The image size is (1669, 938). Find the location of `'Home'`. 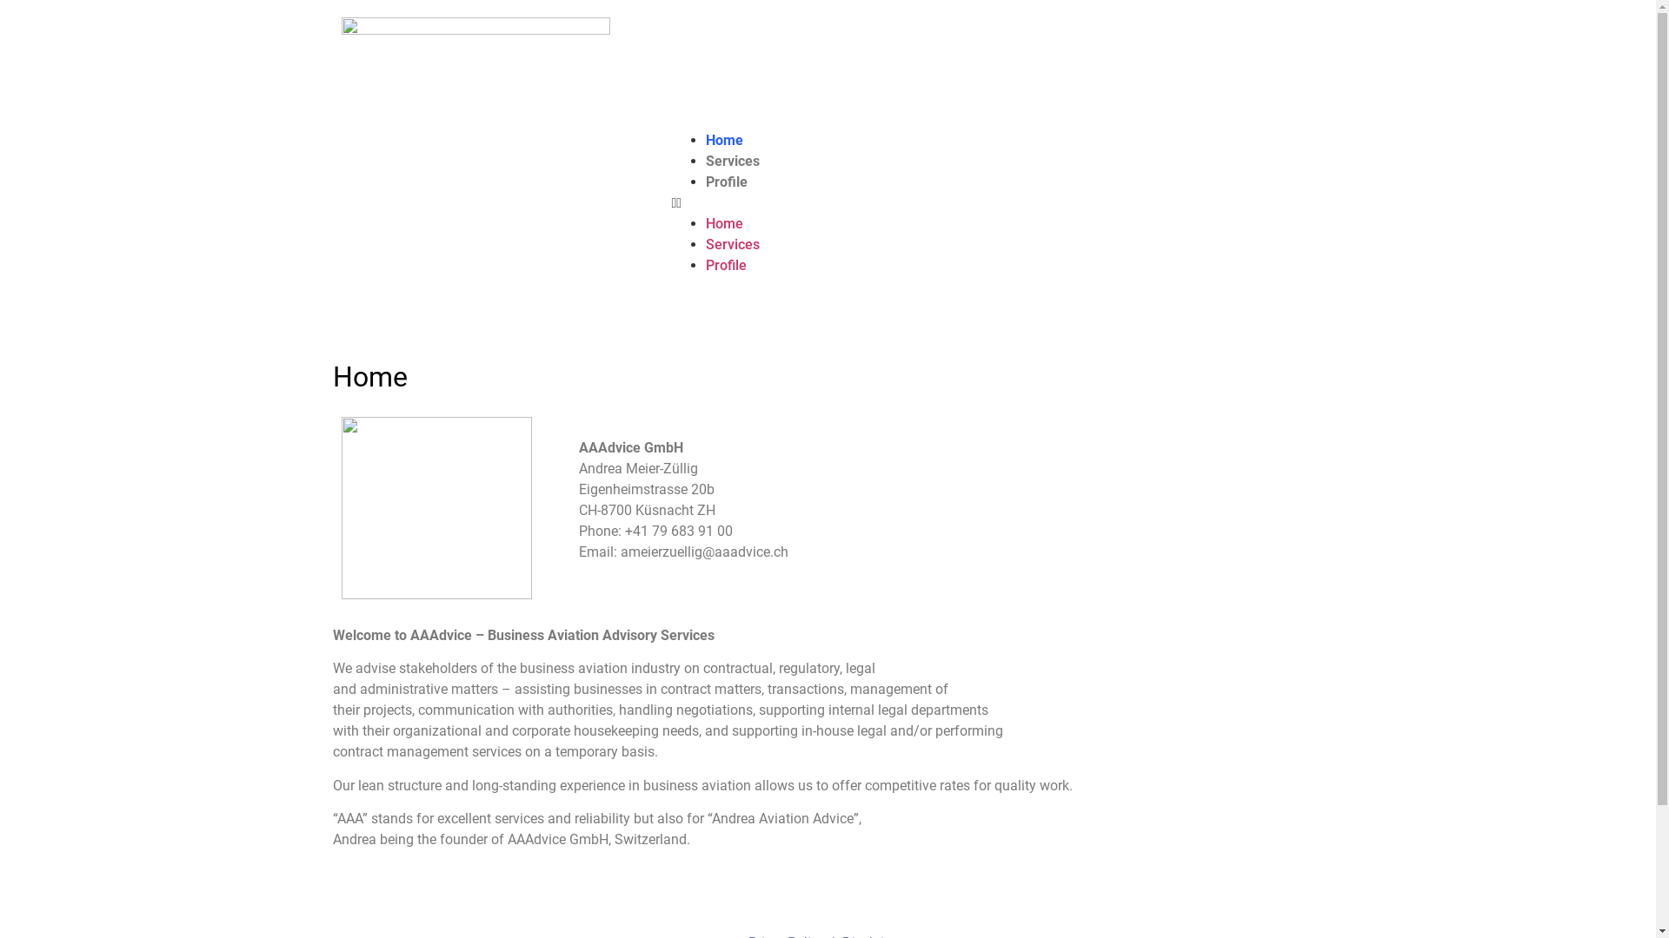

'Home' is located at coordinates (724, 139).